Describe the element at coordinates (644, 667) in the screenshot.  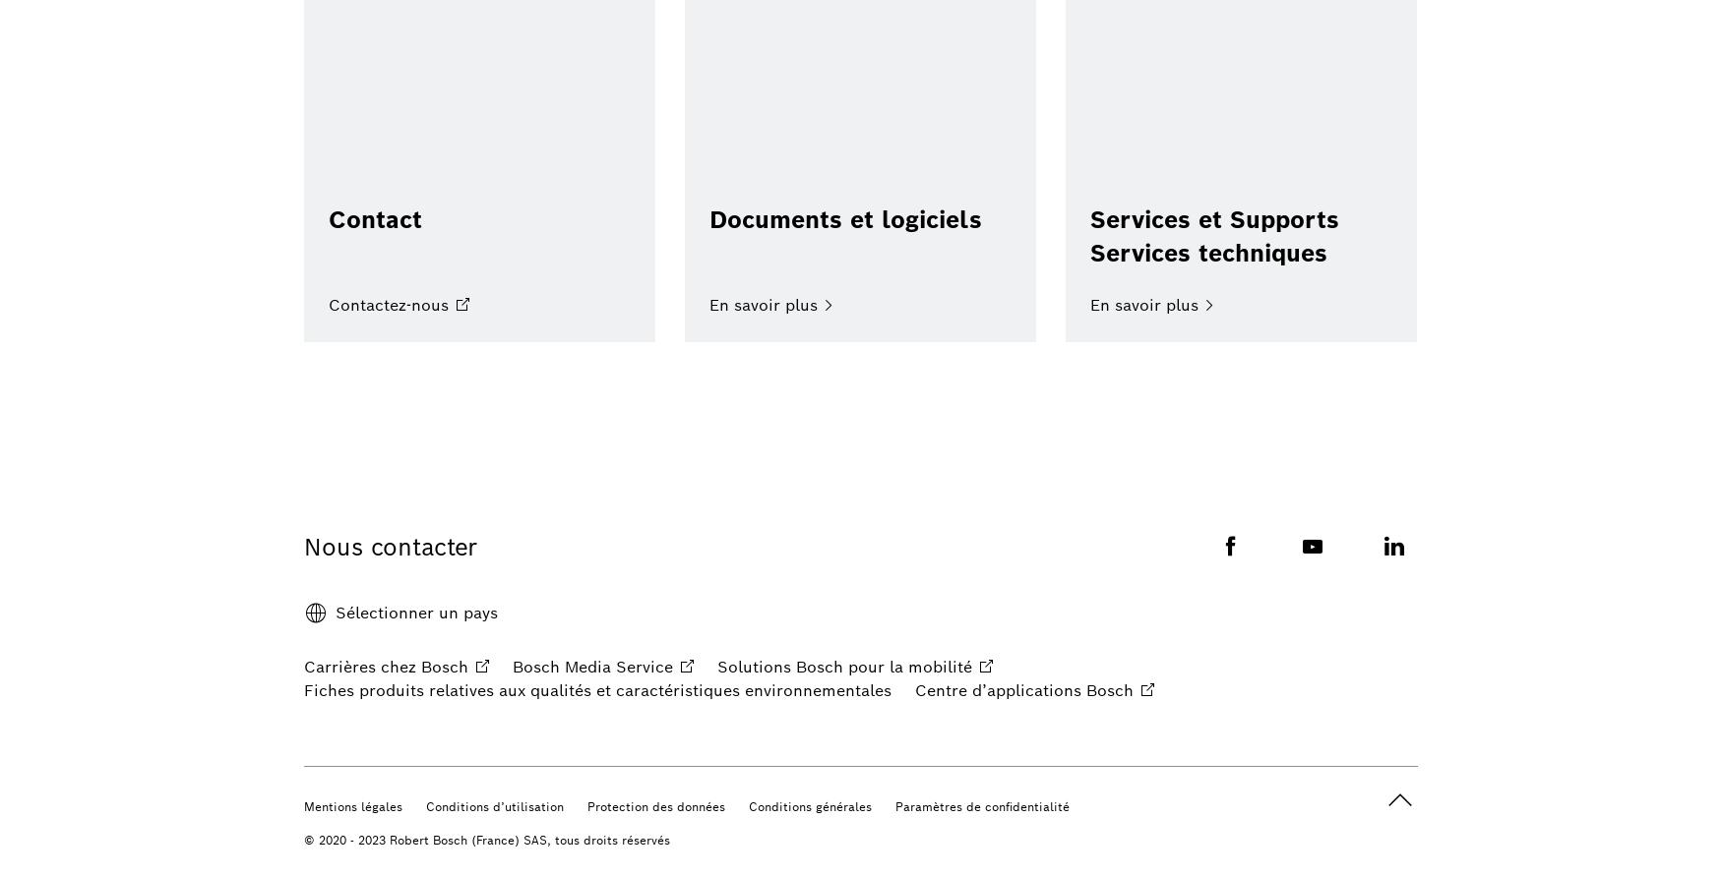
I see `'Service'` at that location.